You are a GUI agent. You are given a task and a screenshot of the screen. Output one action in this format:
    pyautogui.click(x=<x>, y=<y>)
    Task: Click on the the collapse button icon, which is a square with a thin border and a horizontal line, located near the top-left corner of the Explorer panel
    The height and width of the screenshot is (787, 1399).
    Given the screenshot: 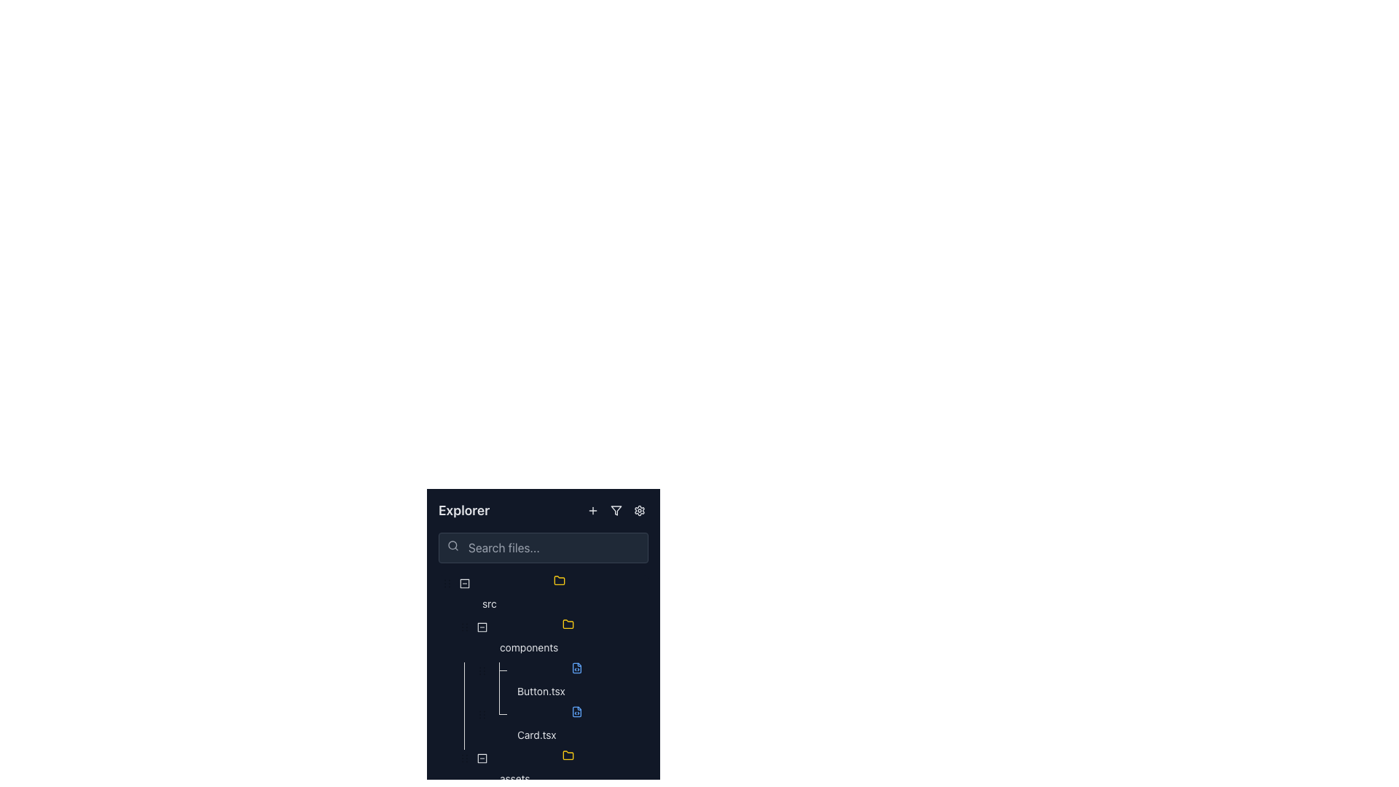 What is the action you would take?
    pyautogui.click(x=464, y=583)
    